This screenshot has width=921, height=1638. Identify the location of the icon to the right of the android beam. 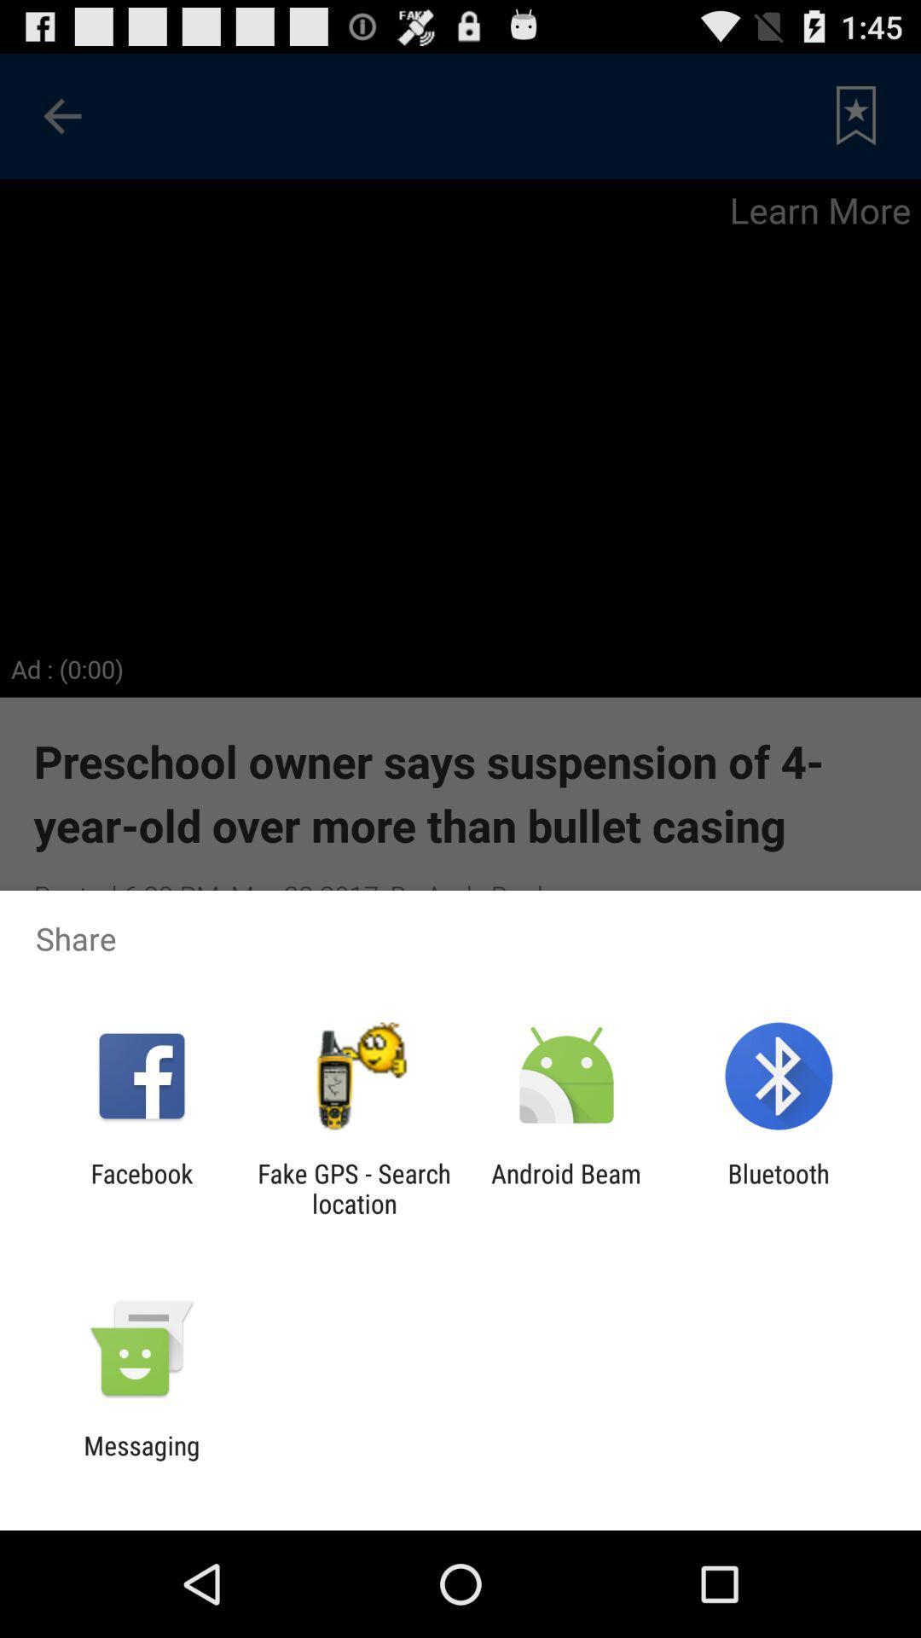
(779, 1188).